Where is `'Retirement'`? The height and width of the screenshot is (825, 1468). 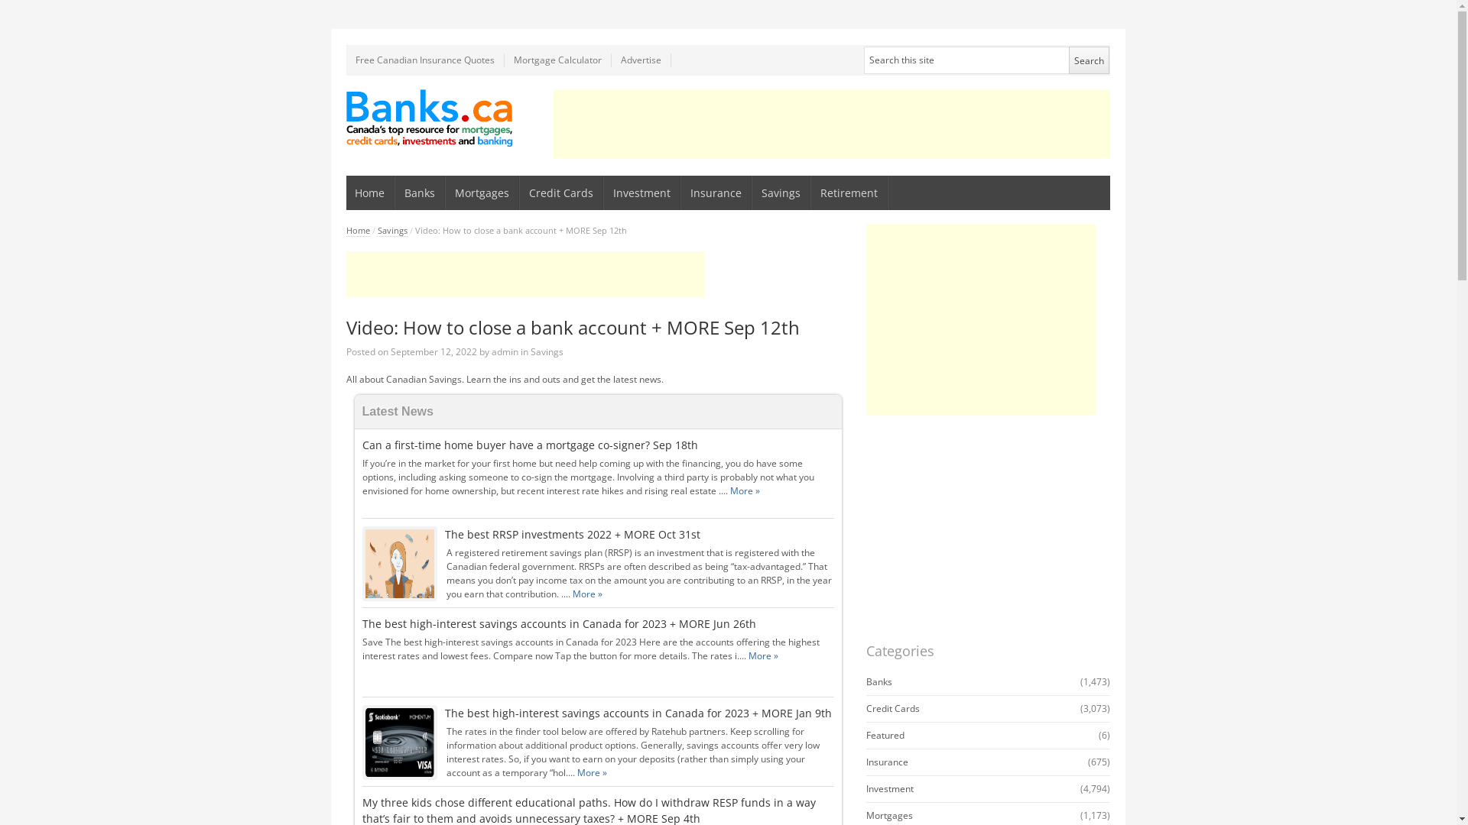
'Retirement' is located at coordinates (848, 192).